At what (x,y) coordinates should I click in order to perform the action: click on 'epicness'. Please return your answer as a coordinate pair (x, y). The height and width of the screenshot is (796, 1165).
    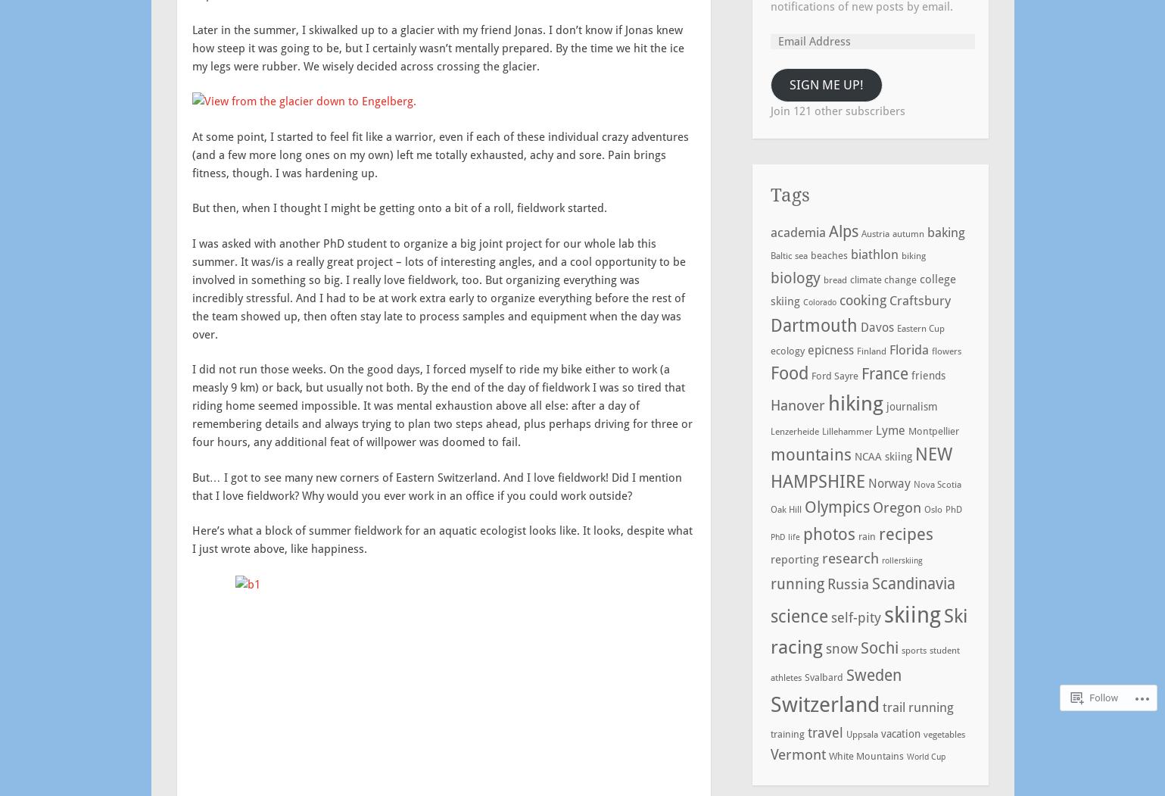
    Looking at the image, I should click on (806, 348).